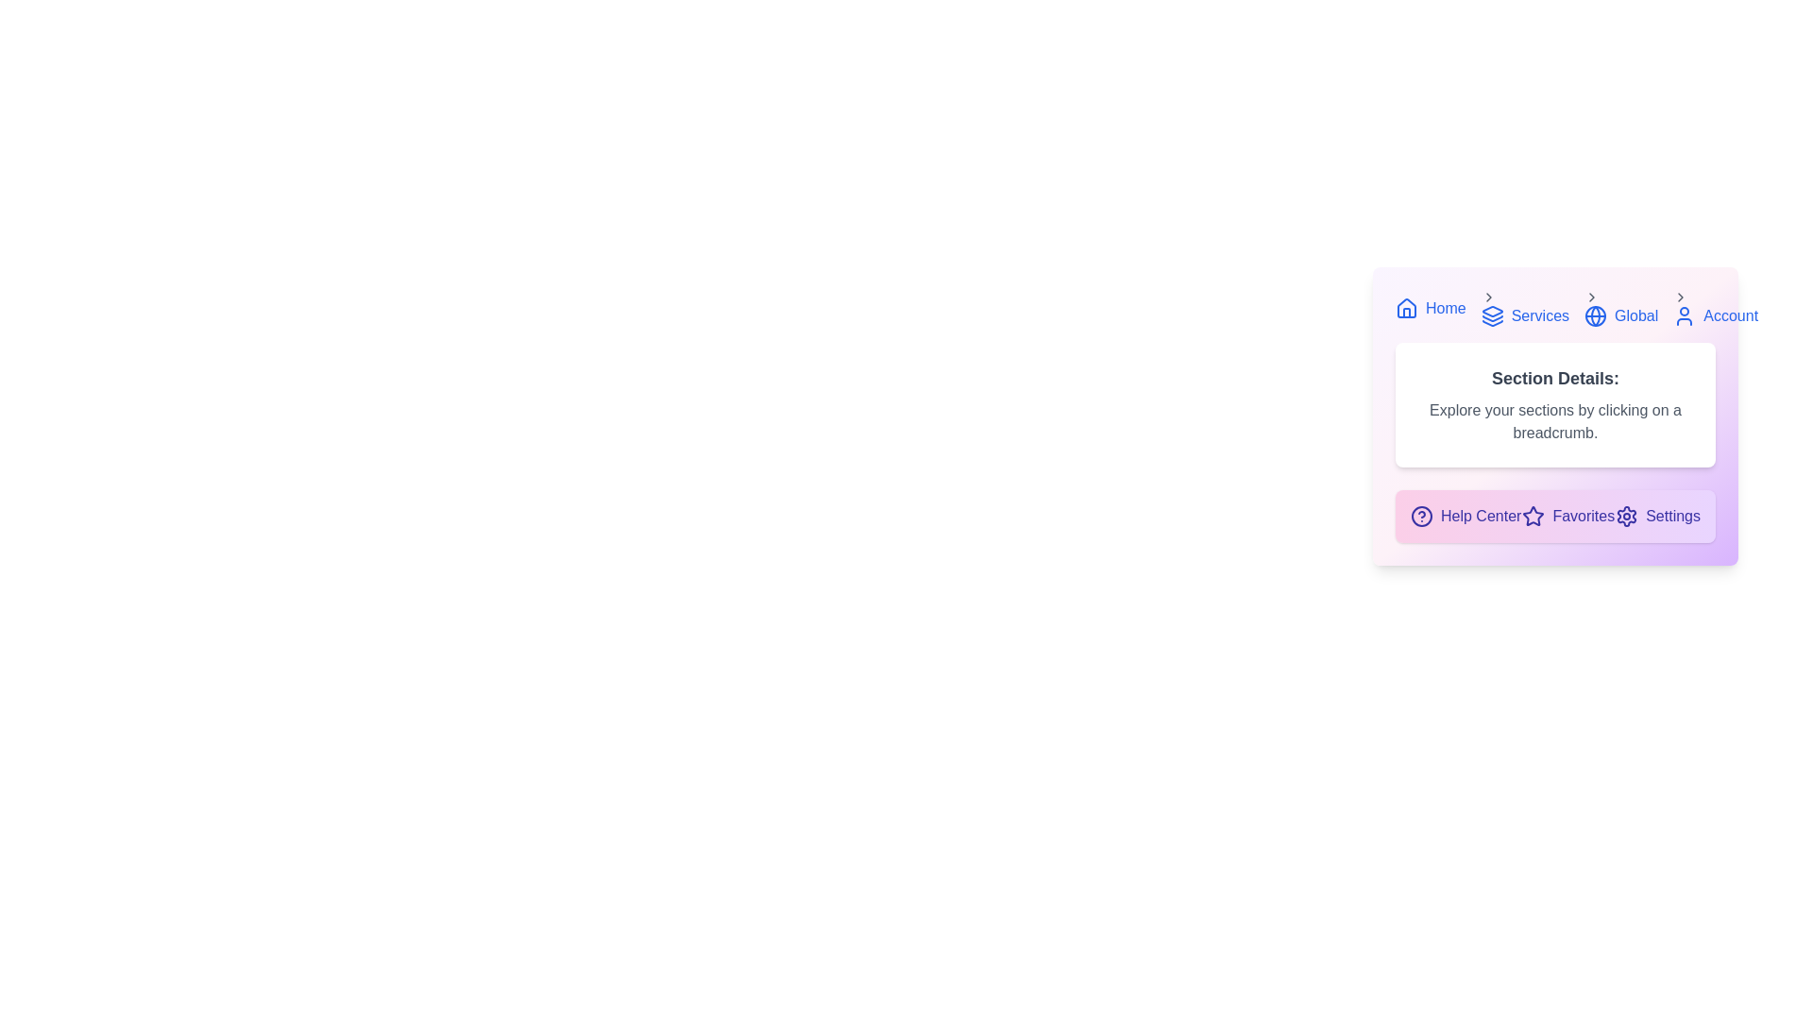  Describe the element at coordinates (1533, 516) in the screenshot. I see `the star-shaped icon in the bottom button row` at that location.